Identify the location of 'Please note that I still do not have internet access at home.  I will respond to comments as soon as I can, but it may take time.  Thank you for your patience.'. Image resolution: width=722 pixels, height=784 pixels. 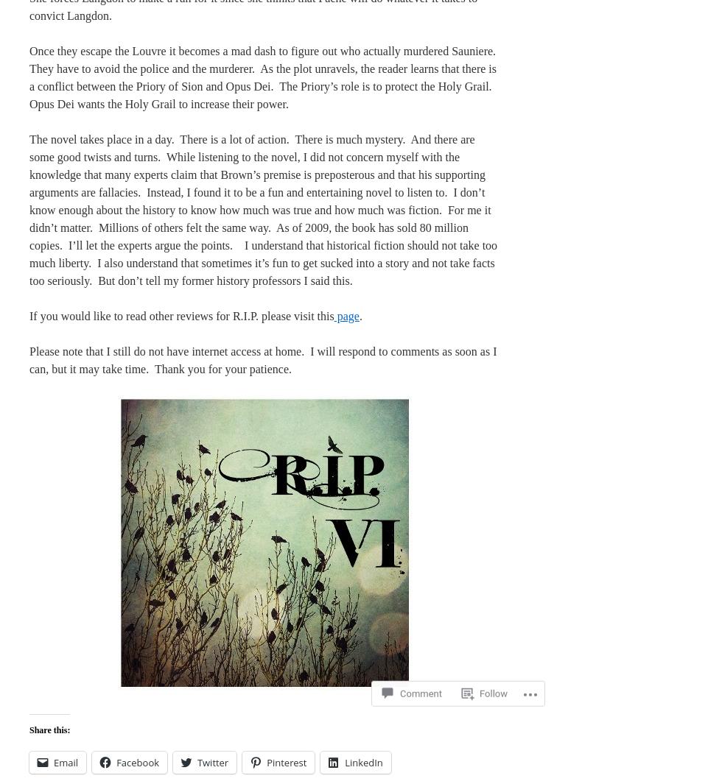
(29, 359).